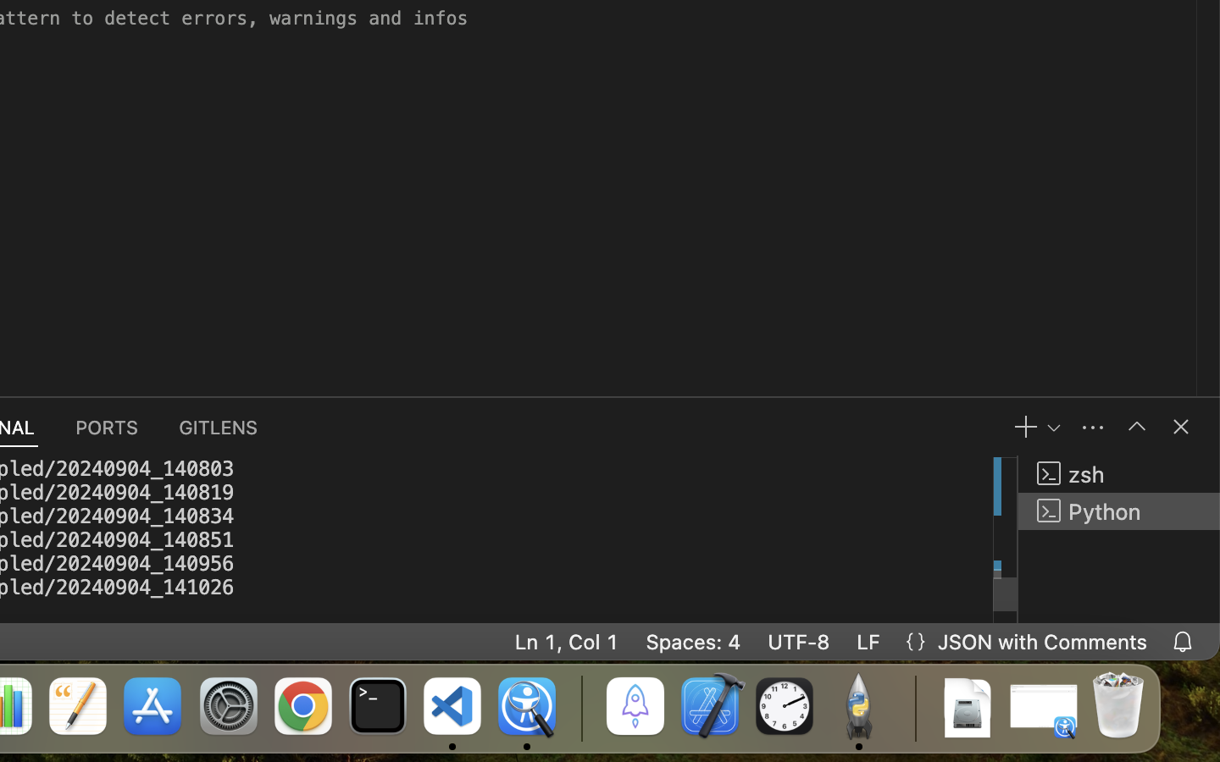 The height and width of the screenshot is (762, 1220). I want to click on 'Python ', so click(1118, 511).